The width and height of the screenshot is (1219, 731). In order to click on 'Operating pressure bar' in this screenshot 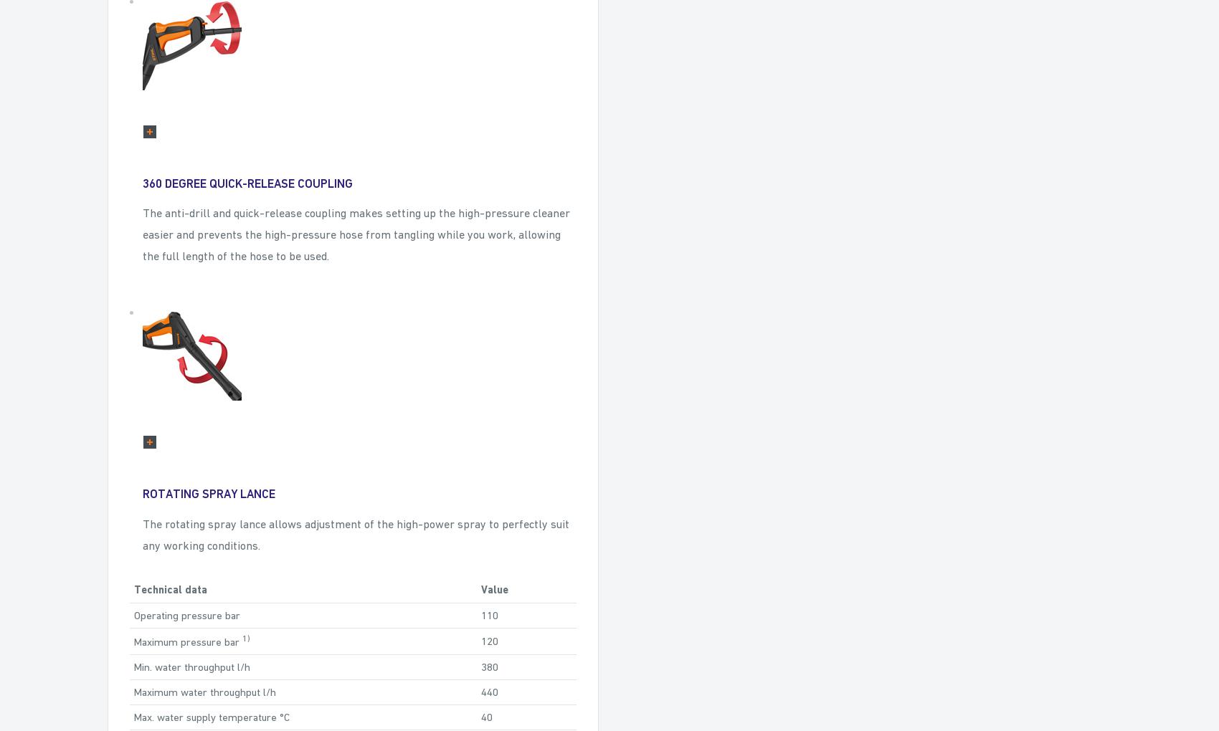, I will do `click(186, 613)`.